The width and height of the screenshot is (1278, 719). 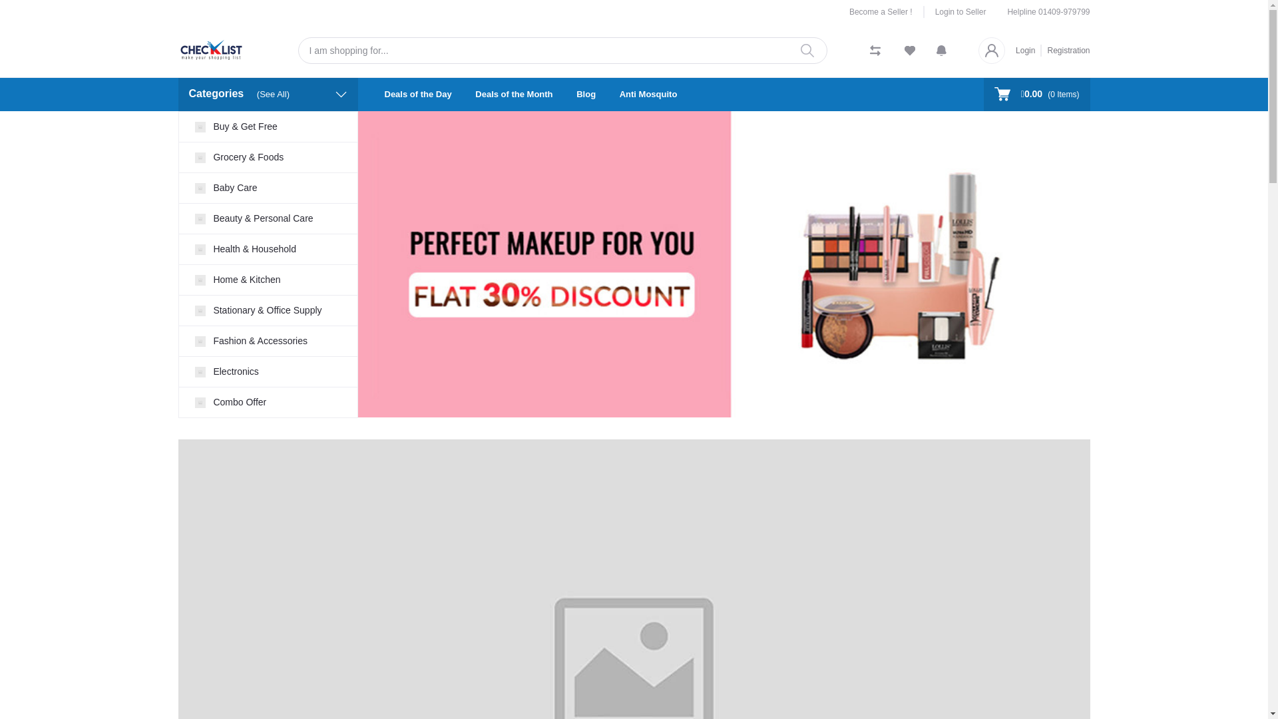 What do you see at coordinates (178, 126) in the screenshot?
I see `'Buy & Get Free'` at bounding box center [178, 126].